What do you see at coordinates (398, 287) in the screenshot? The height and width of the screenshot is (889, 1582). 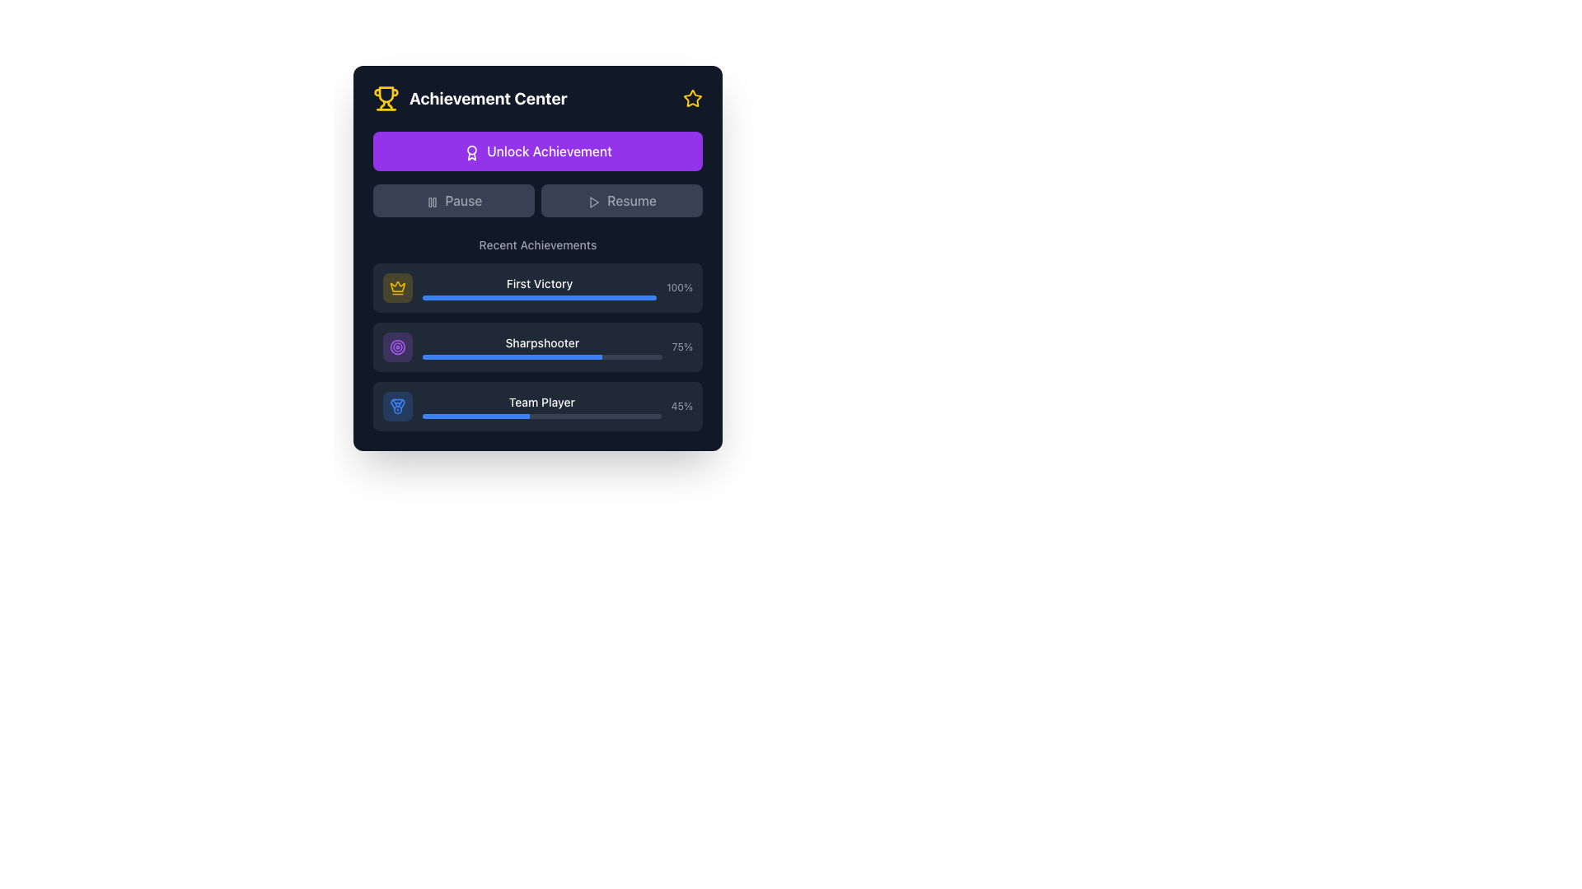 I see `the 'First Victory' achievement icon button located on the left side of the 'Recent Achievements' list in the 'Achievement Center'` at bounding box center [398, 287].